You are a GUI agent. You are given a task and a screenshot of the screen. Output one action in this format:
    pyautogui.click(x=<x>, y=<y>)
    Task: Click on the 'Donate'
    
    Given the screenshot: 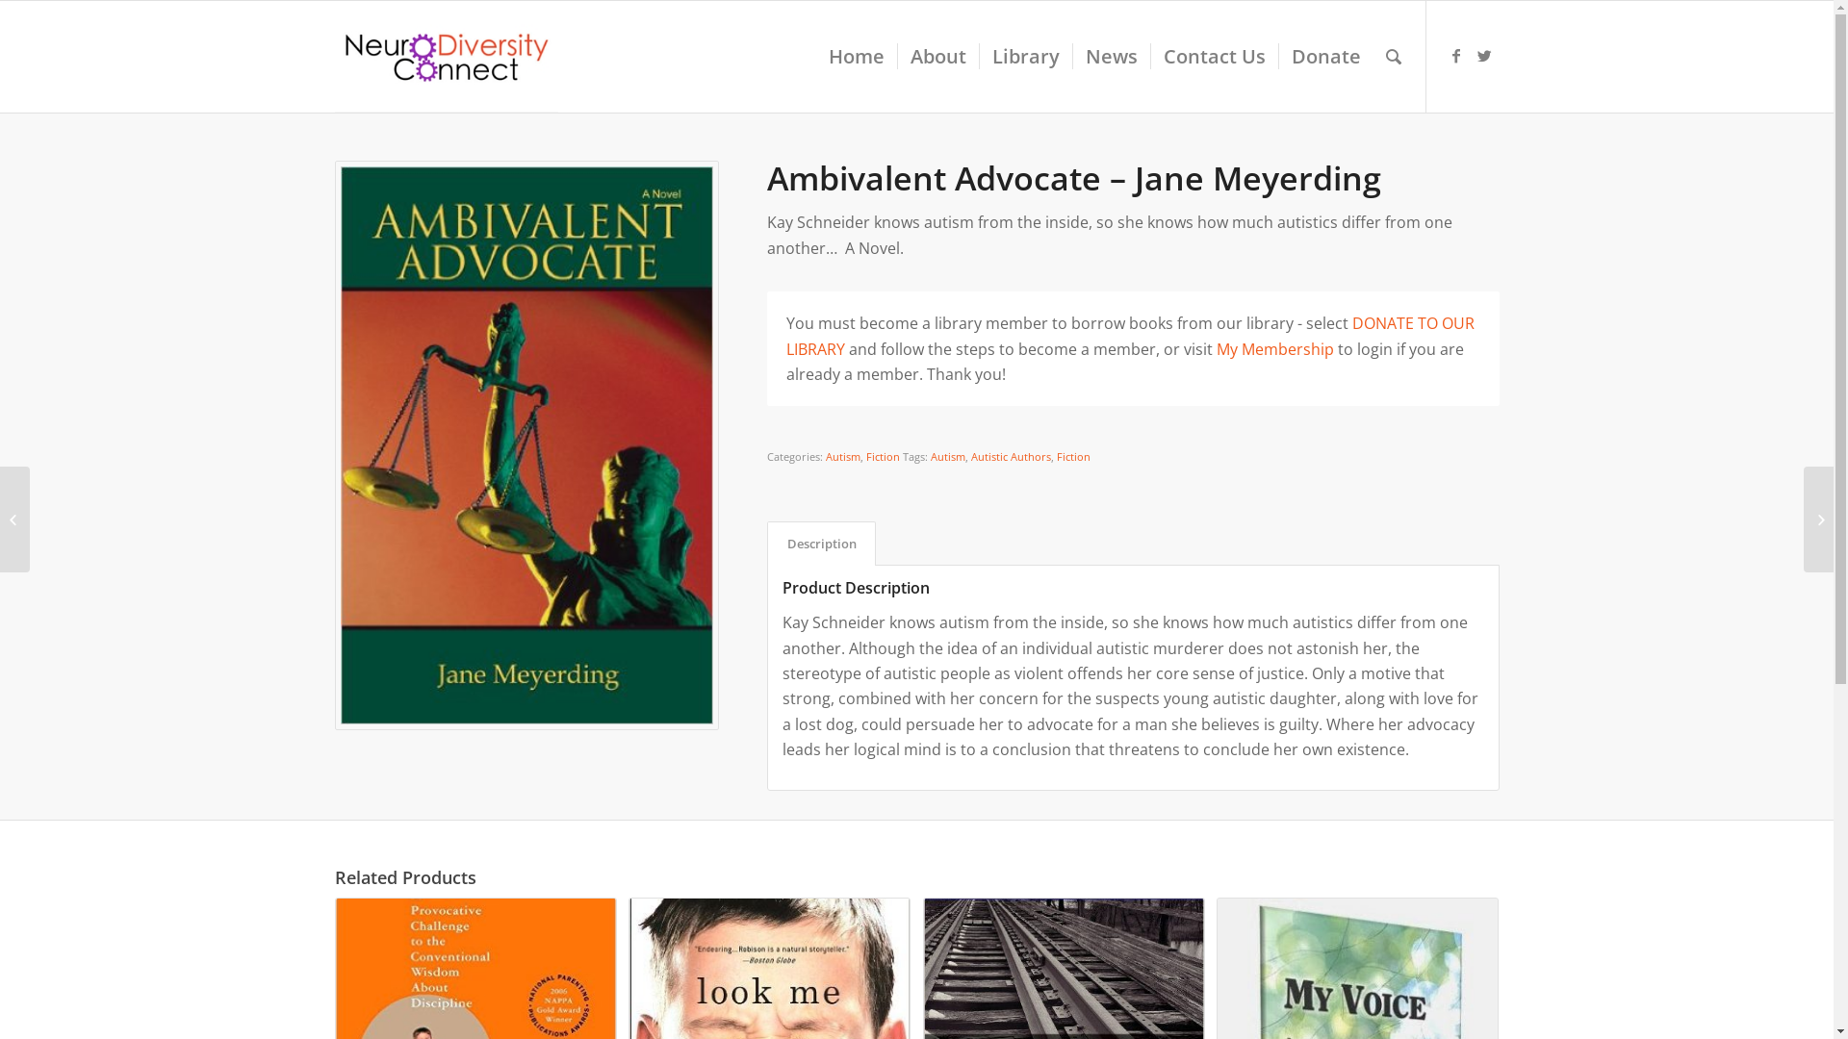 What is the action you would take?
    pyautogui.click(x=1324, y=55)
    